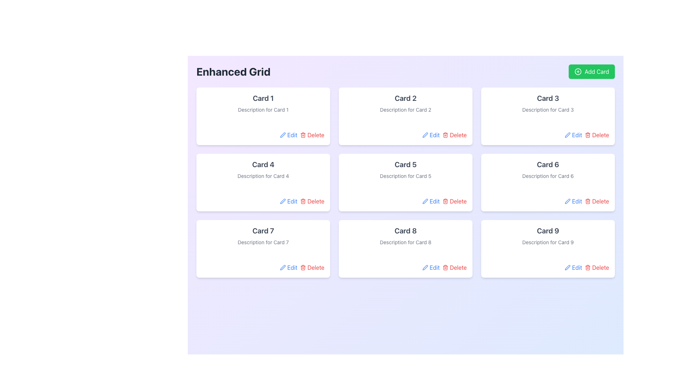 Image resolution: width=692 pixels, height=389 pixels. I want to click on the static text element providing additional information for 'Card 7', located in the third row of a three-column grid layout, specifically the second line after the title, so click(263, 242).